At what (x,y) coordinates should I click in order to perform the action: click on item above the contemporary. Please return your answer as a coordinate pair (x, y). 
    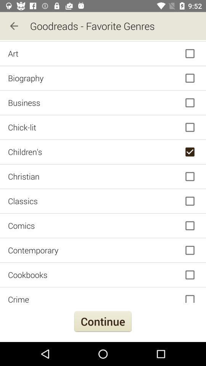
    Looking at the image, I should click on (103, 226).